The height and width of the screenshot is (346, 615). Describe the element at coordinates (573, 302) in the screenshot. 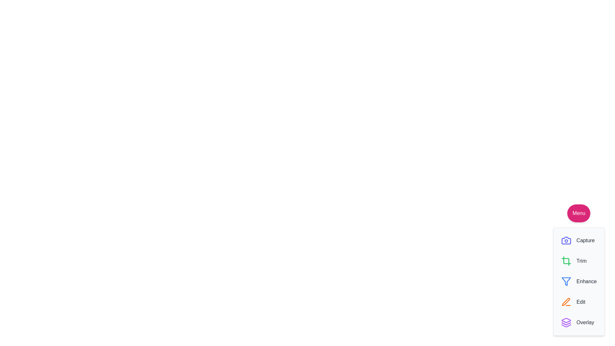

I see `the 'Edit' button in the menu` at that location.